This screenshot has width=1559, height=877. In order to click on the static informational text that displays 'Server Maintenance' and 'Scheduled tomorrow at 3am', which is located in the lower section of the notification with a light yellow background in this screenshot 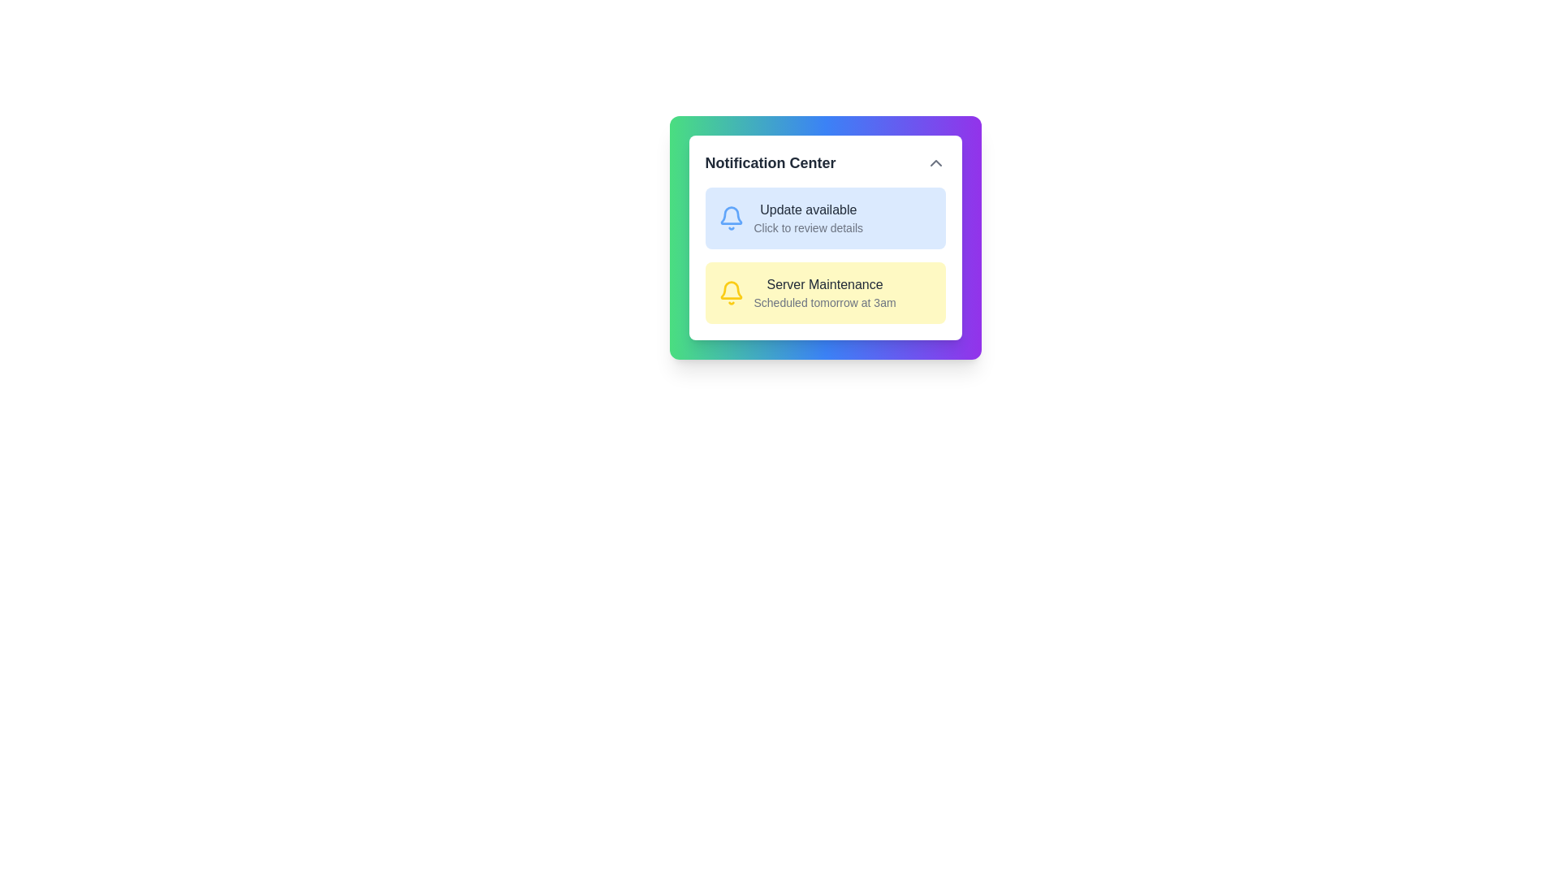, I will do `click(825, 293)`.